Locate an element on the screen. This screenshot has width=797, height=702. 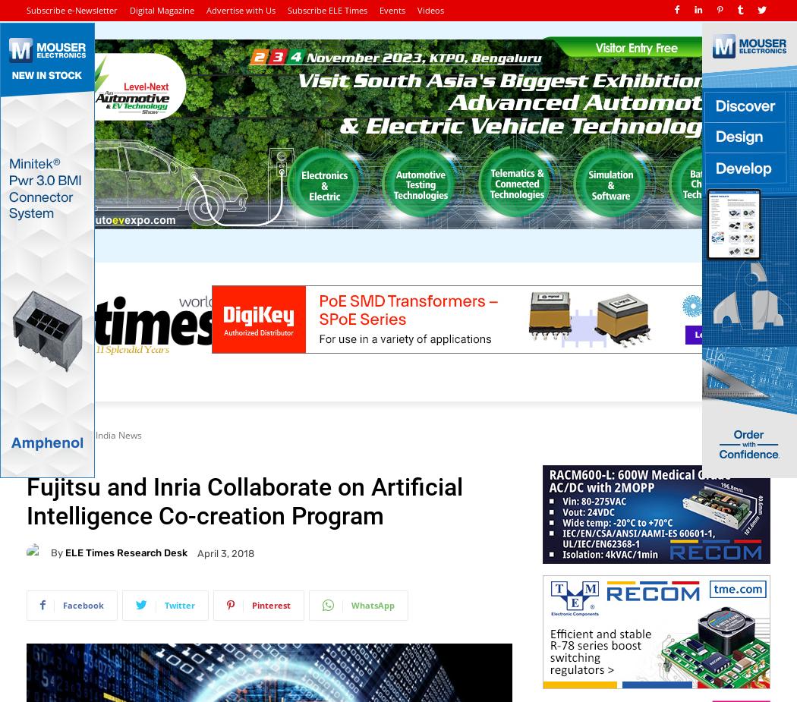
'Manufacturing' is located at coordinates (367, 382).